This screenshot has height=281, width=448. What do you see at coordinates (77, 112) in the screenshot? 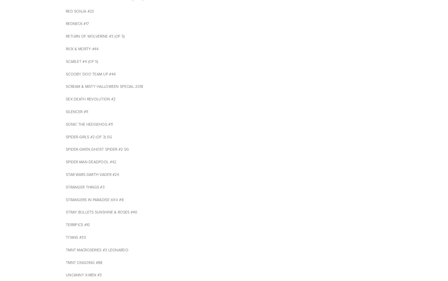
I see `'SILENCER #11'` at bounding box center [77, 112].